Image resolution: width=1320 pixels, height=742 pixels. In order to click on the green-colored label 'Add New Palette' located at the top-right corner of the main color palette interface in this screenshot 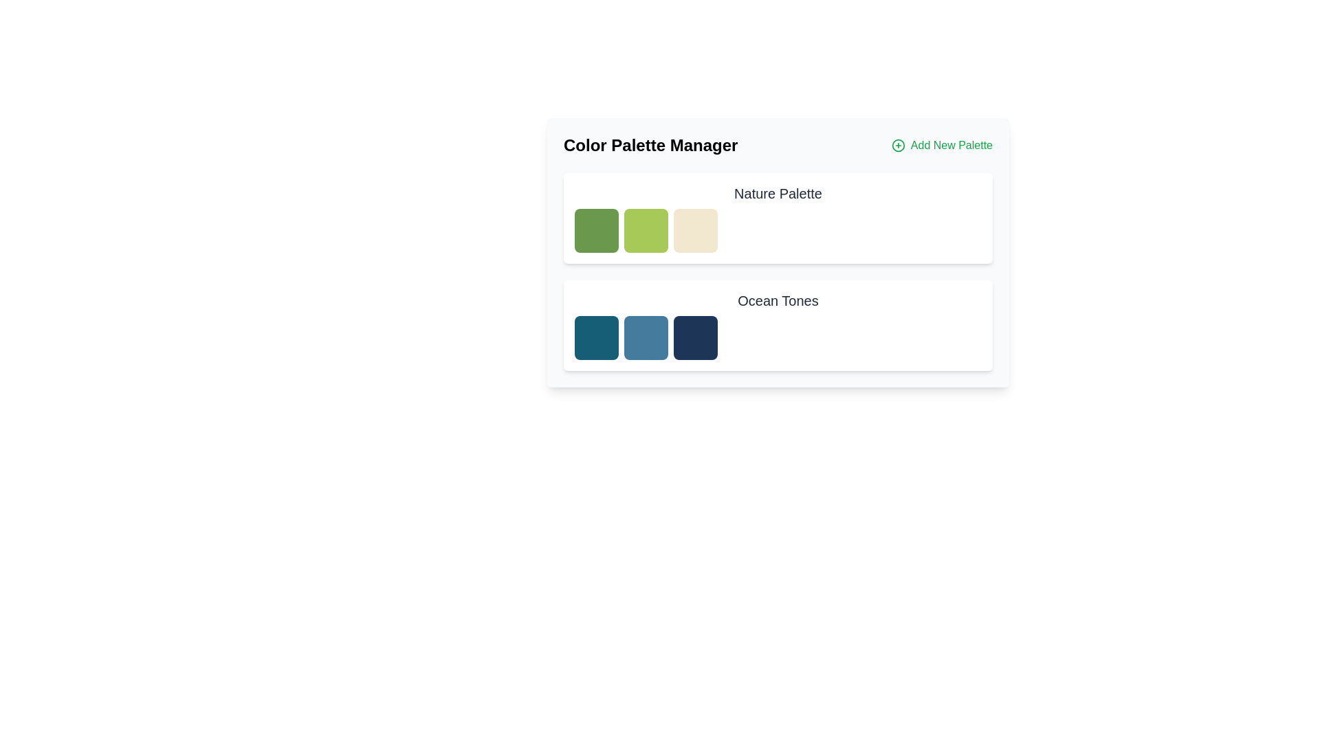, I will do `click(950, 146)`.